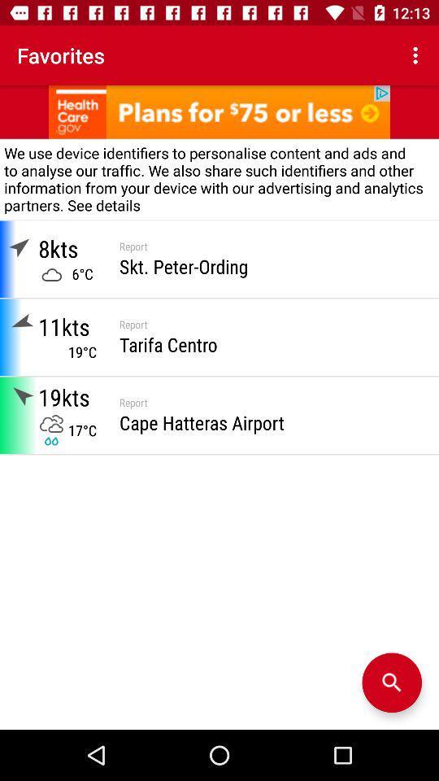  I want to click on search, so click(391, 683).